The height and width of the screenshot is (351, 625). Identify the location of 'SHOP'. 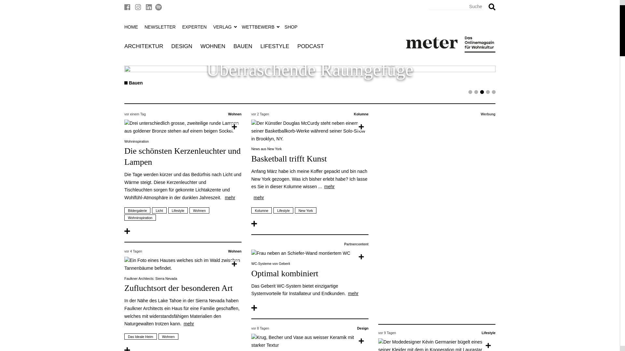
(291, 27).